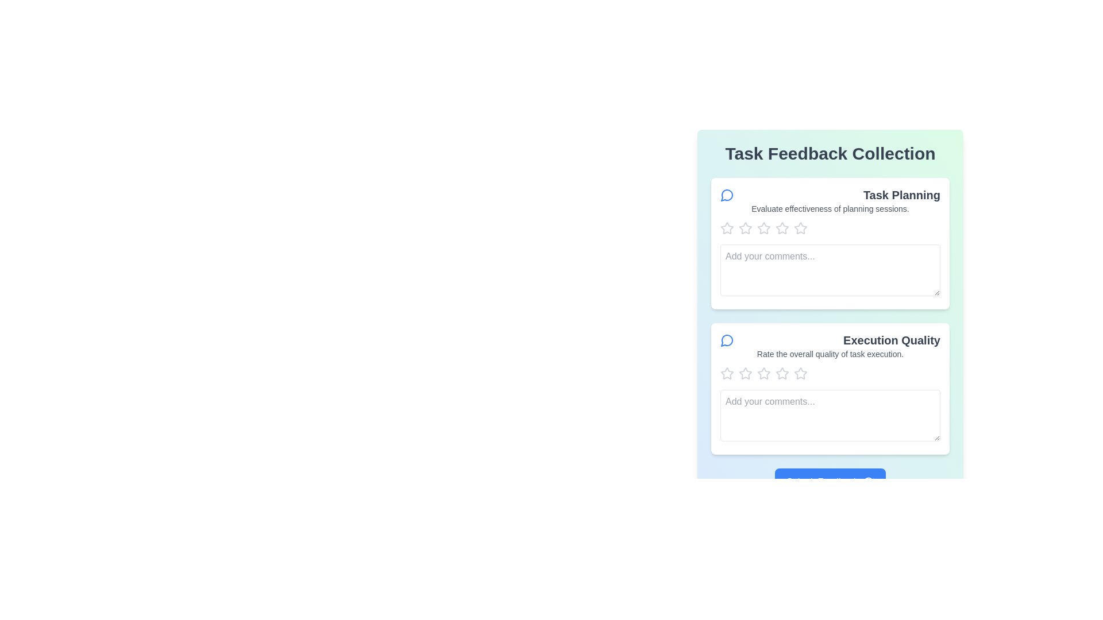 The width and height of the screenshot is (1103, 620). I want to click on the second star-shaped rating icon outlined in light gray within the 'Task Planning' section to receive feedback, so click(782, 228).